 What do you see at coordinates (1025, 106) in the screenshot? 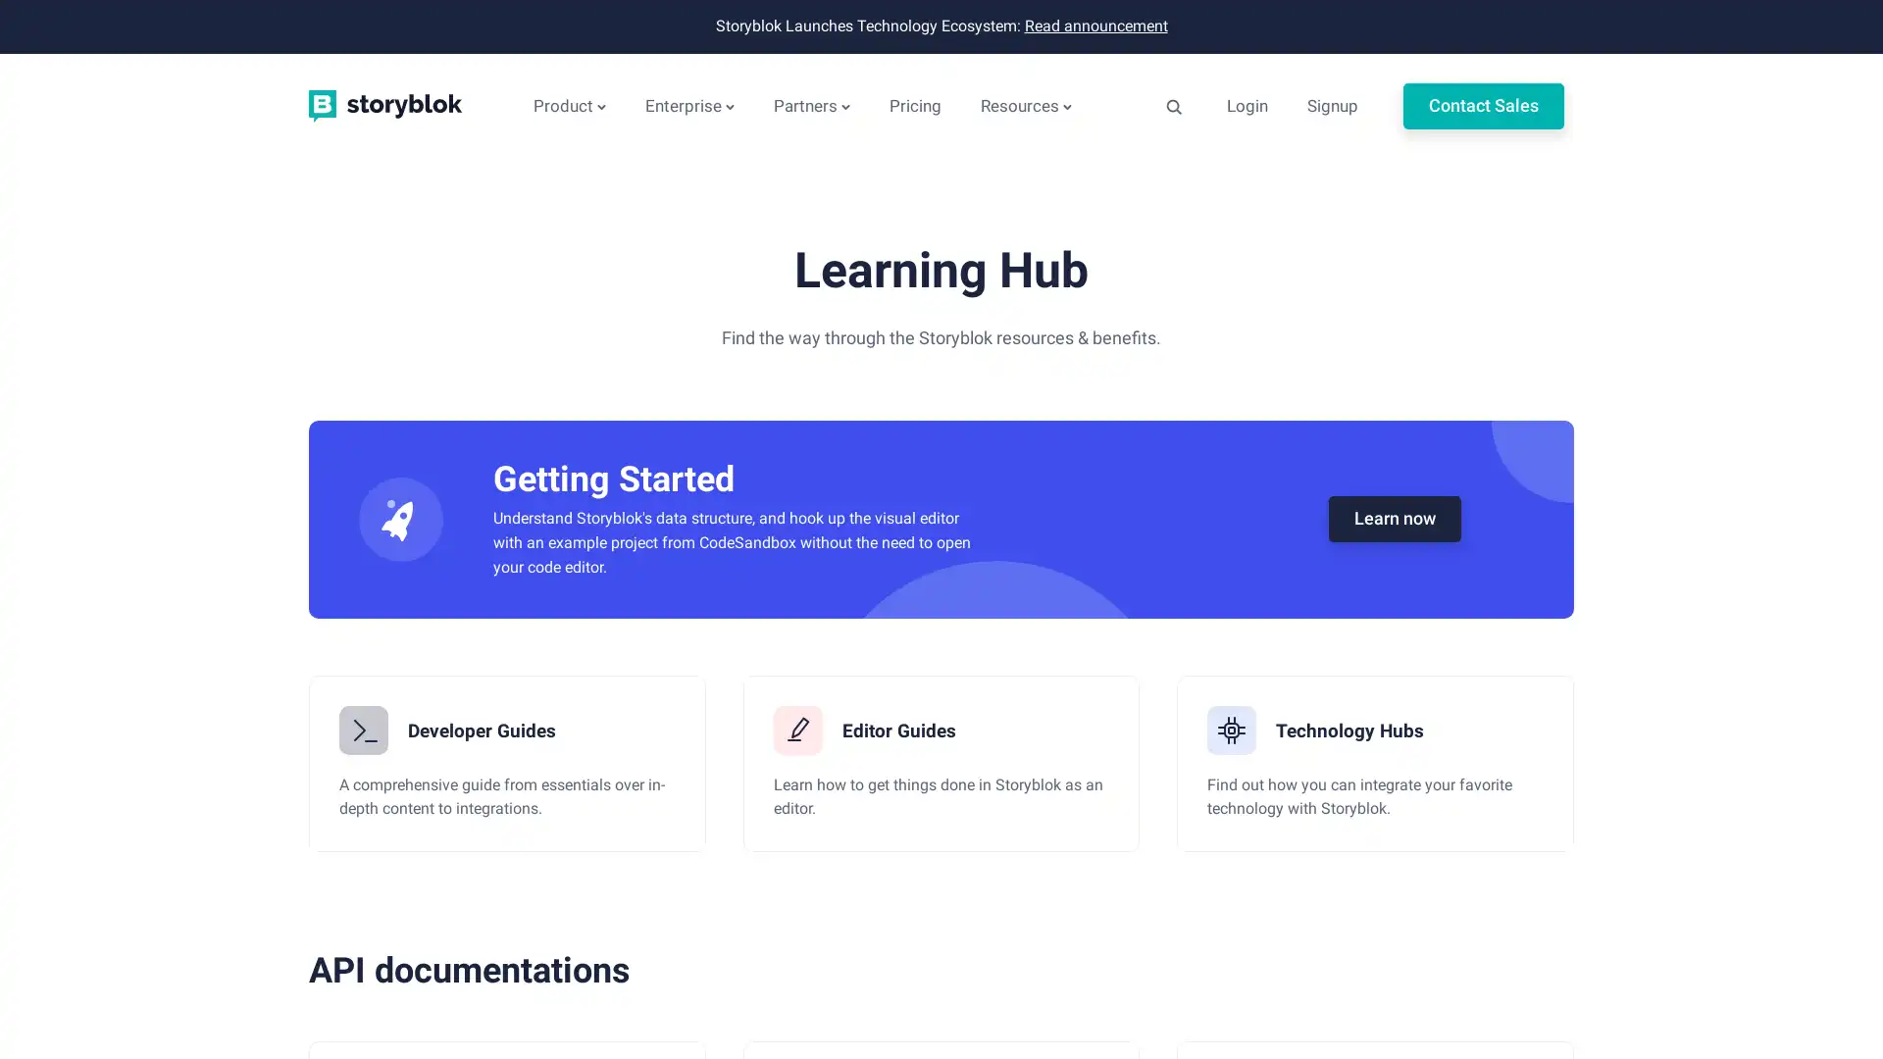
I see `Resources` at bounding box center [1025, 106].